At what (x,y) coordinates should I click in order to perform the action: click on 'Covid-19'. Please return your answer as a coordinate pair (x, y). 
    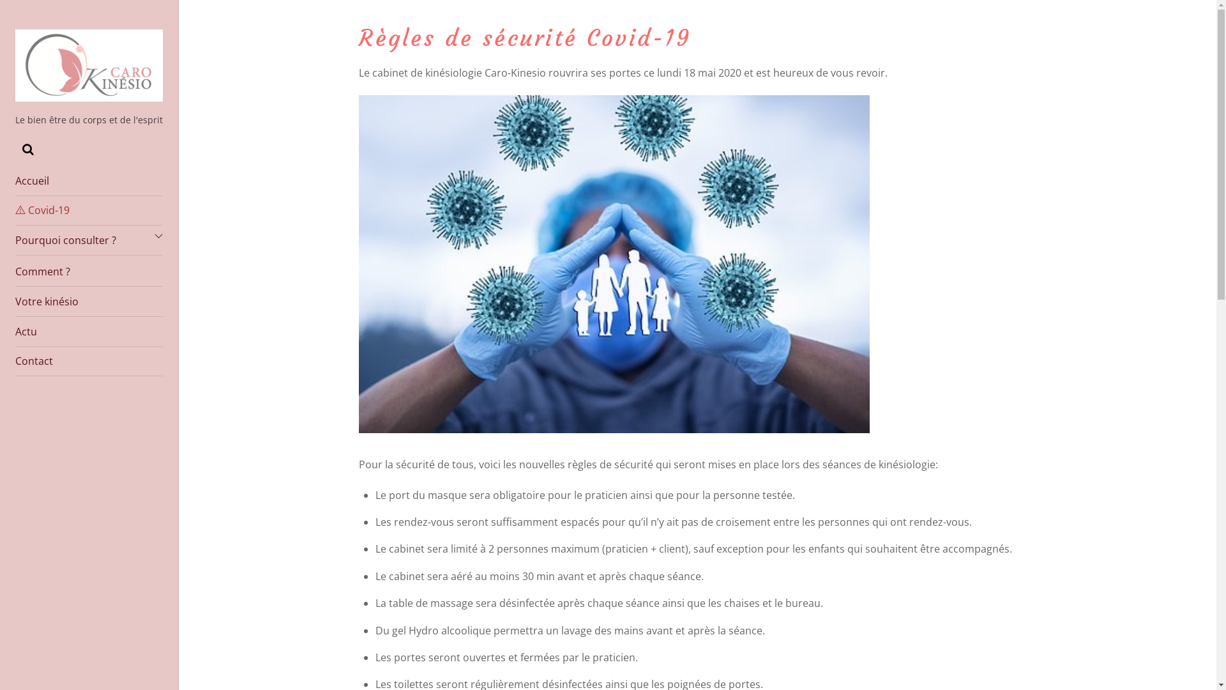
    Looking at the image, I should click on (88, 210).